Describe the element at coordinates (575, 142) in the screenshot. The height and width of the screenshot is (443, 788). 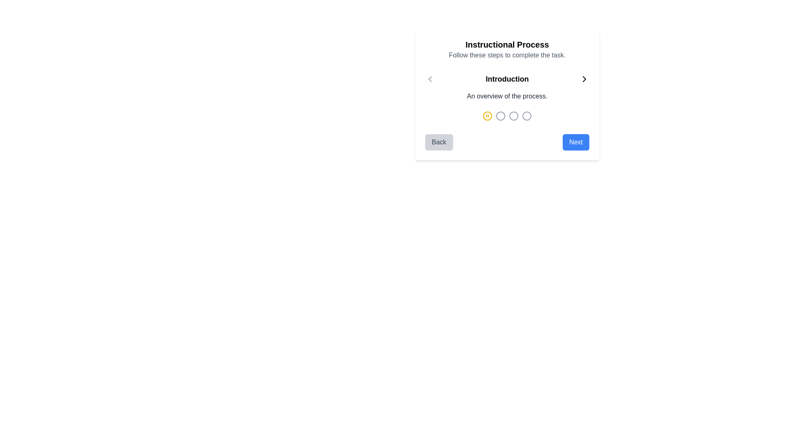
I see `the 'Next' button, which is a rectangular button with rounded corners, blue background, and white text, located on the right side of the navigation interface` at that location.